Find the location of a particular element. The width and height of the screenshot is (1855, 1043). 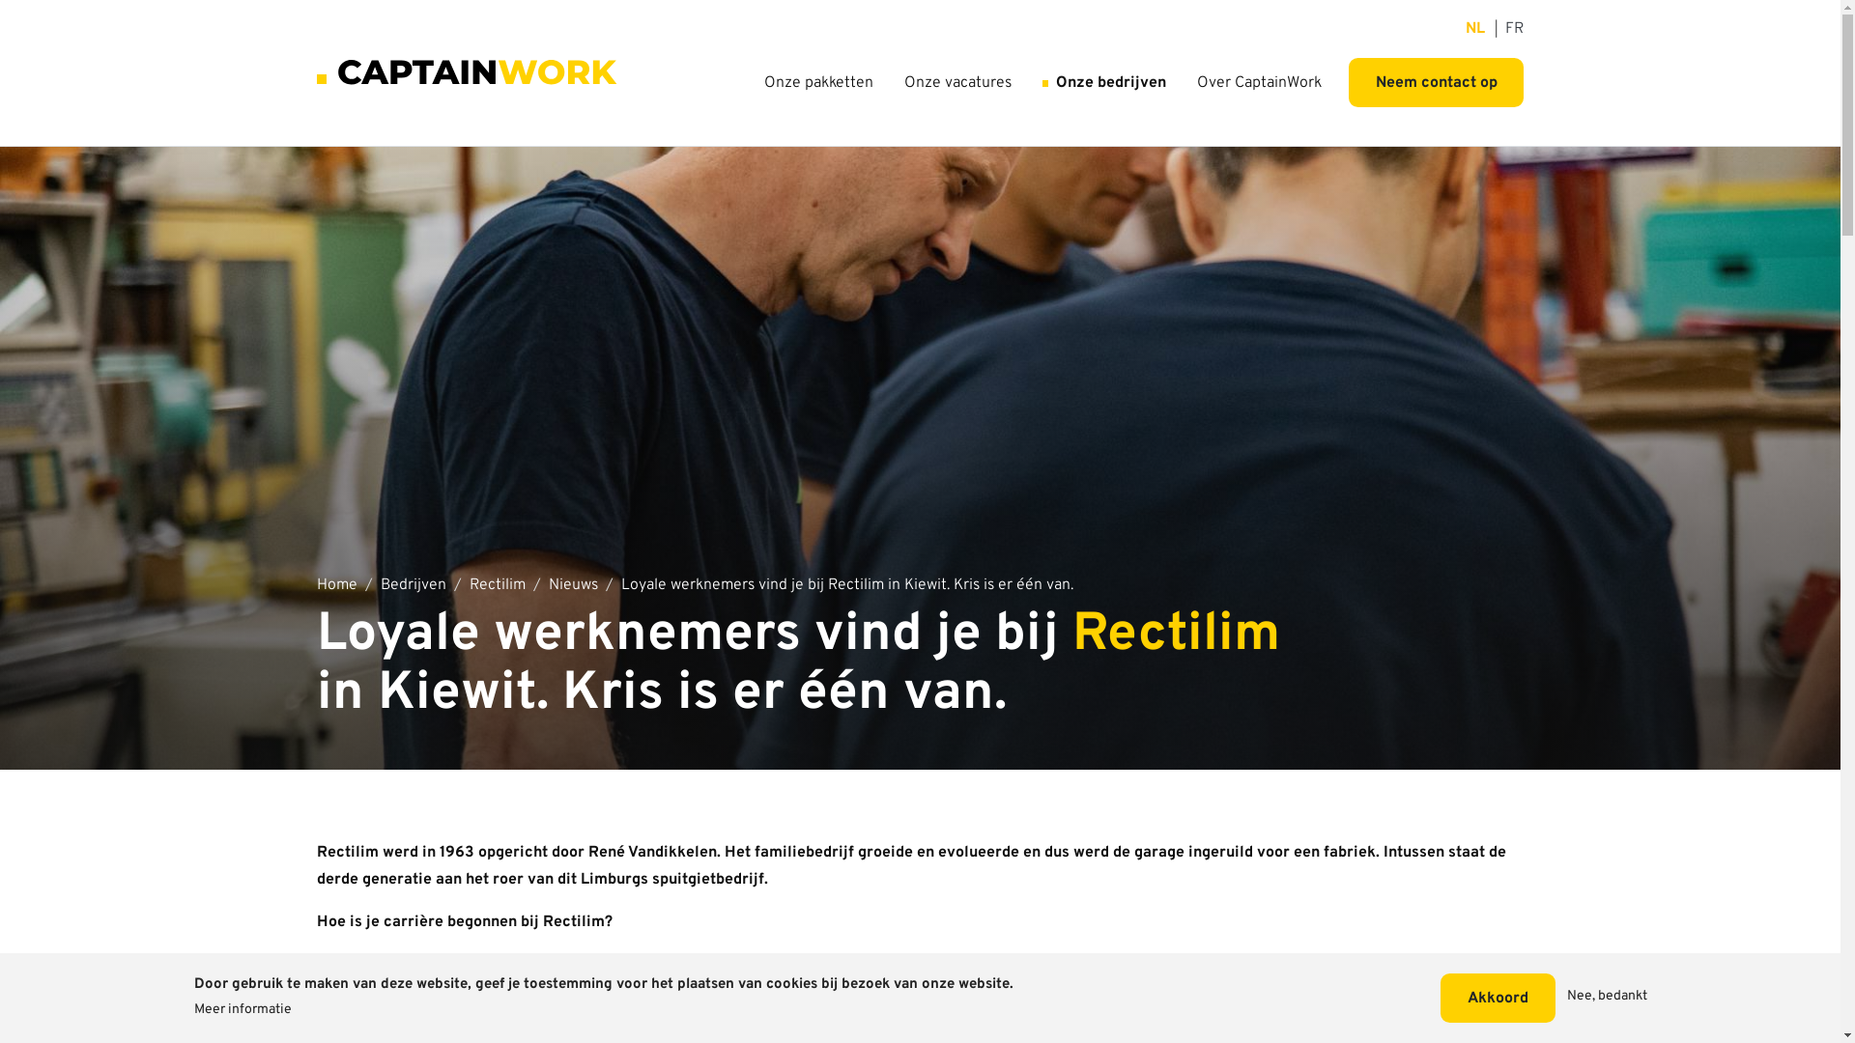

'Over CaptainWork' is located at coordinates (1259, 81).